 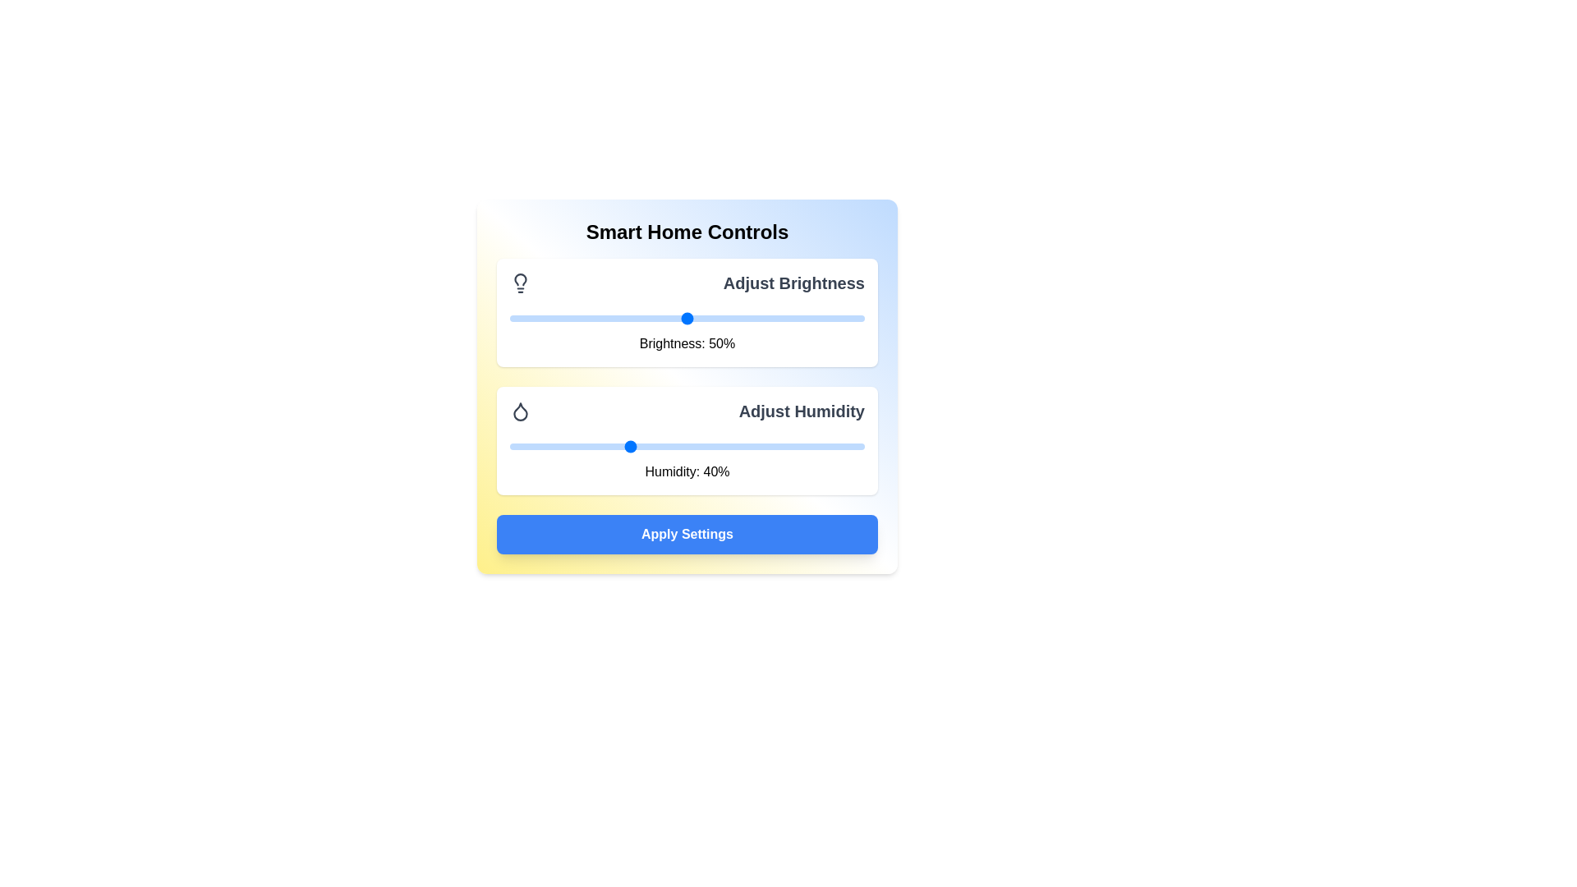 What do you see at coordinates (681, 446) in the screenshot?
I see `the humidity level to 49% using the slider` at bounding box center [681, 446].